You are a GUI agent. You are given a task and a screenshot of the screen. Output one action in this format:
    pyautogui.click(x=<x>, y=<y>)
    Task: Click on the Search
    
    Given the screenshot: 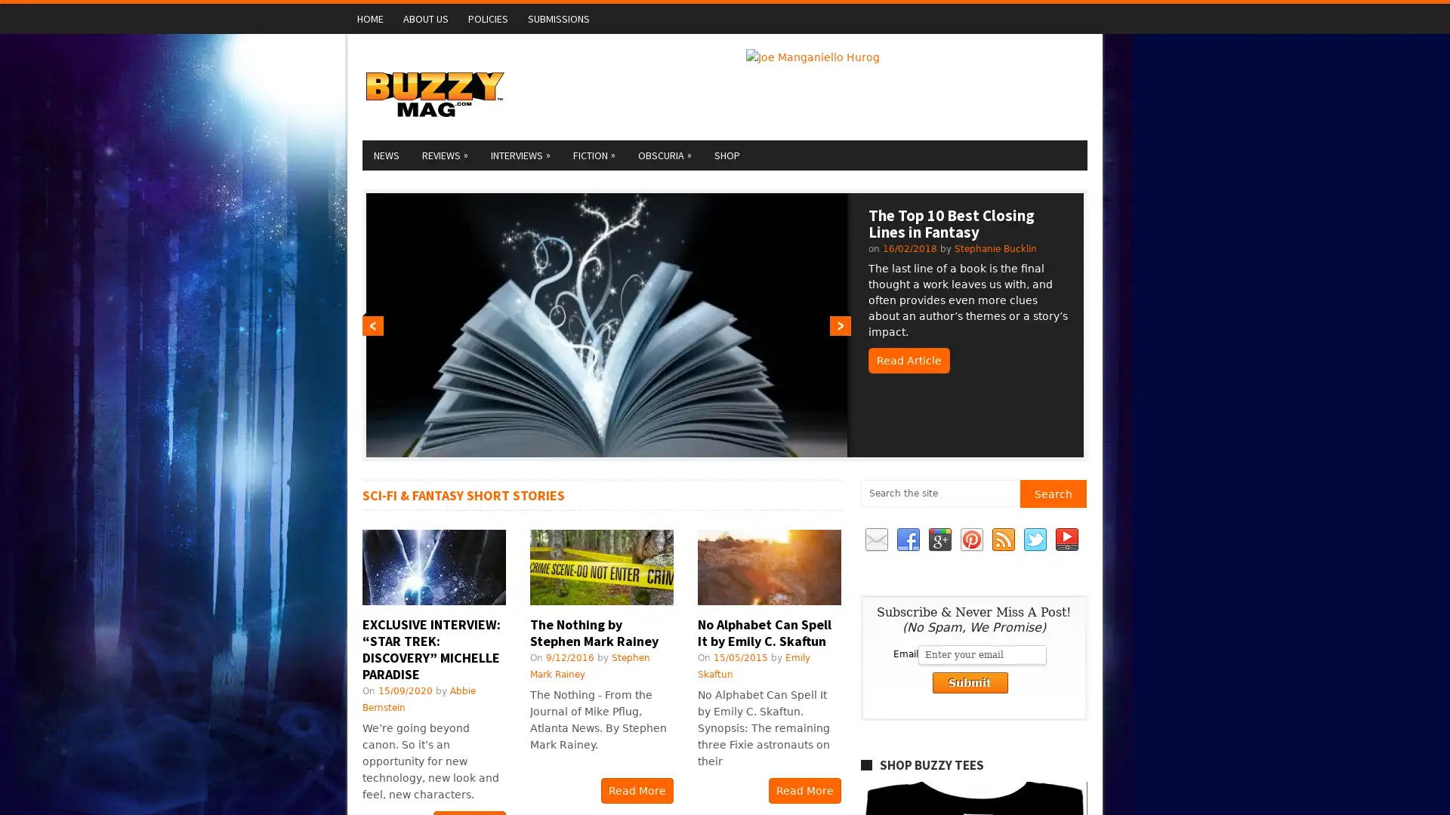 What is the action you would take?
    pyautogui.click(x=1052, y=494)
    